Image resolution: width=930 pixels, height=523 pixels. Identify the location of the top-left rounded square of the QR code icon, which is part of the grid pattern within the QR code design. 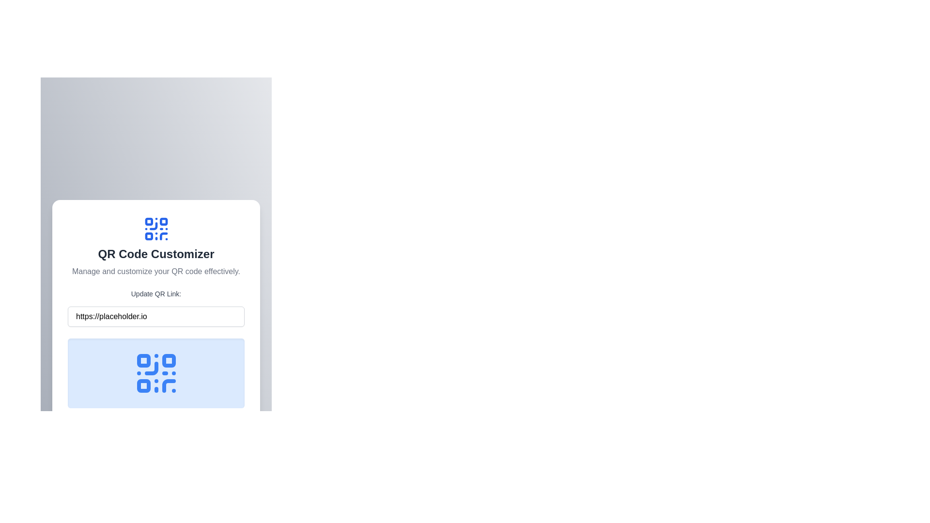
(143, 360).